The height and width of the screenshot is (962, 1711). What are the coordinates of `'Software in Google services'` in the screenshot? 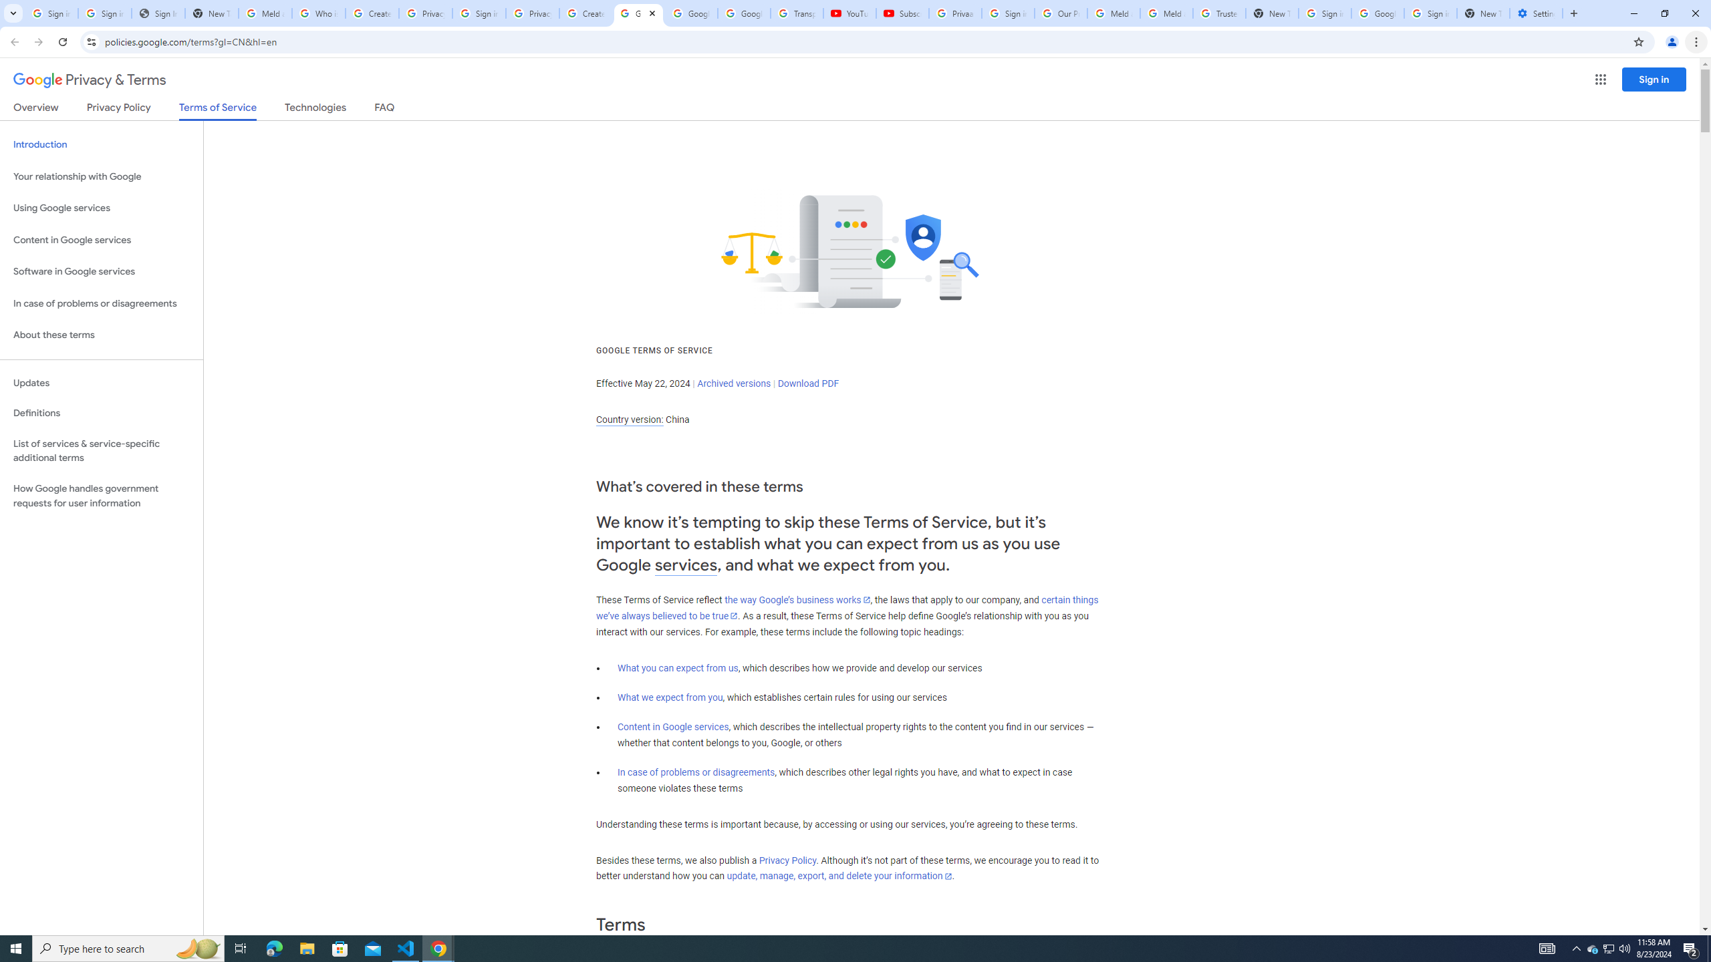 It's located at (101, 271).